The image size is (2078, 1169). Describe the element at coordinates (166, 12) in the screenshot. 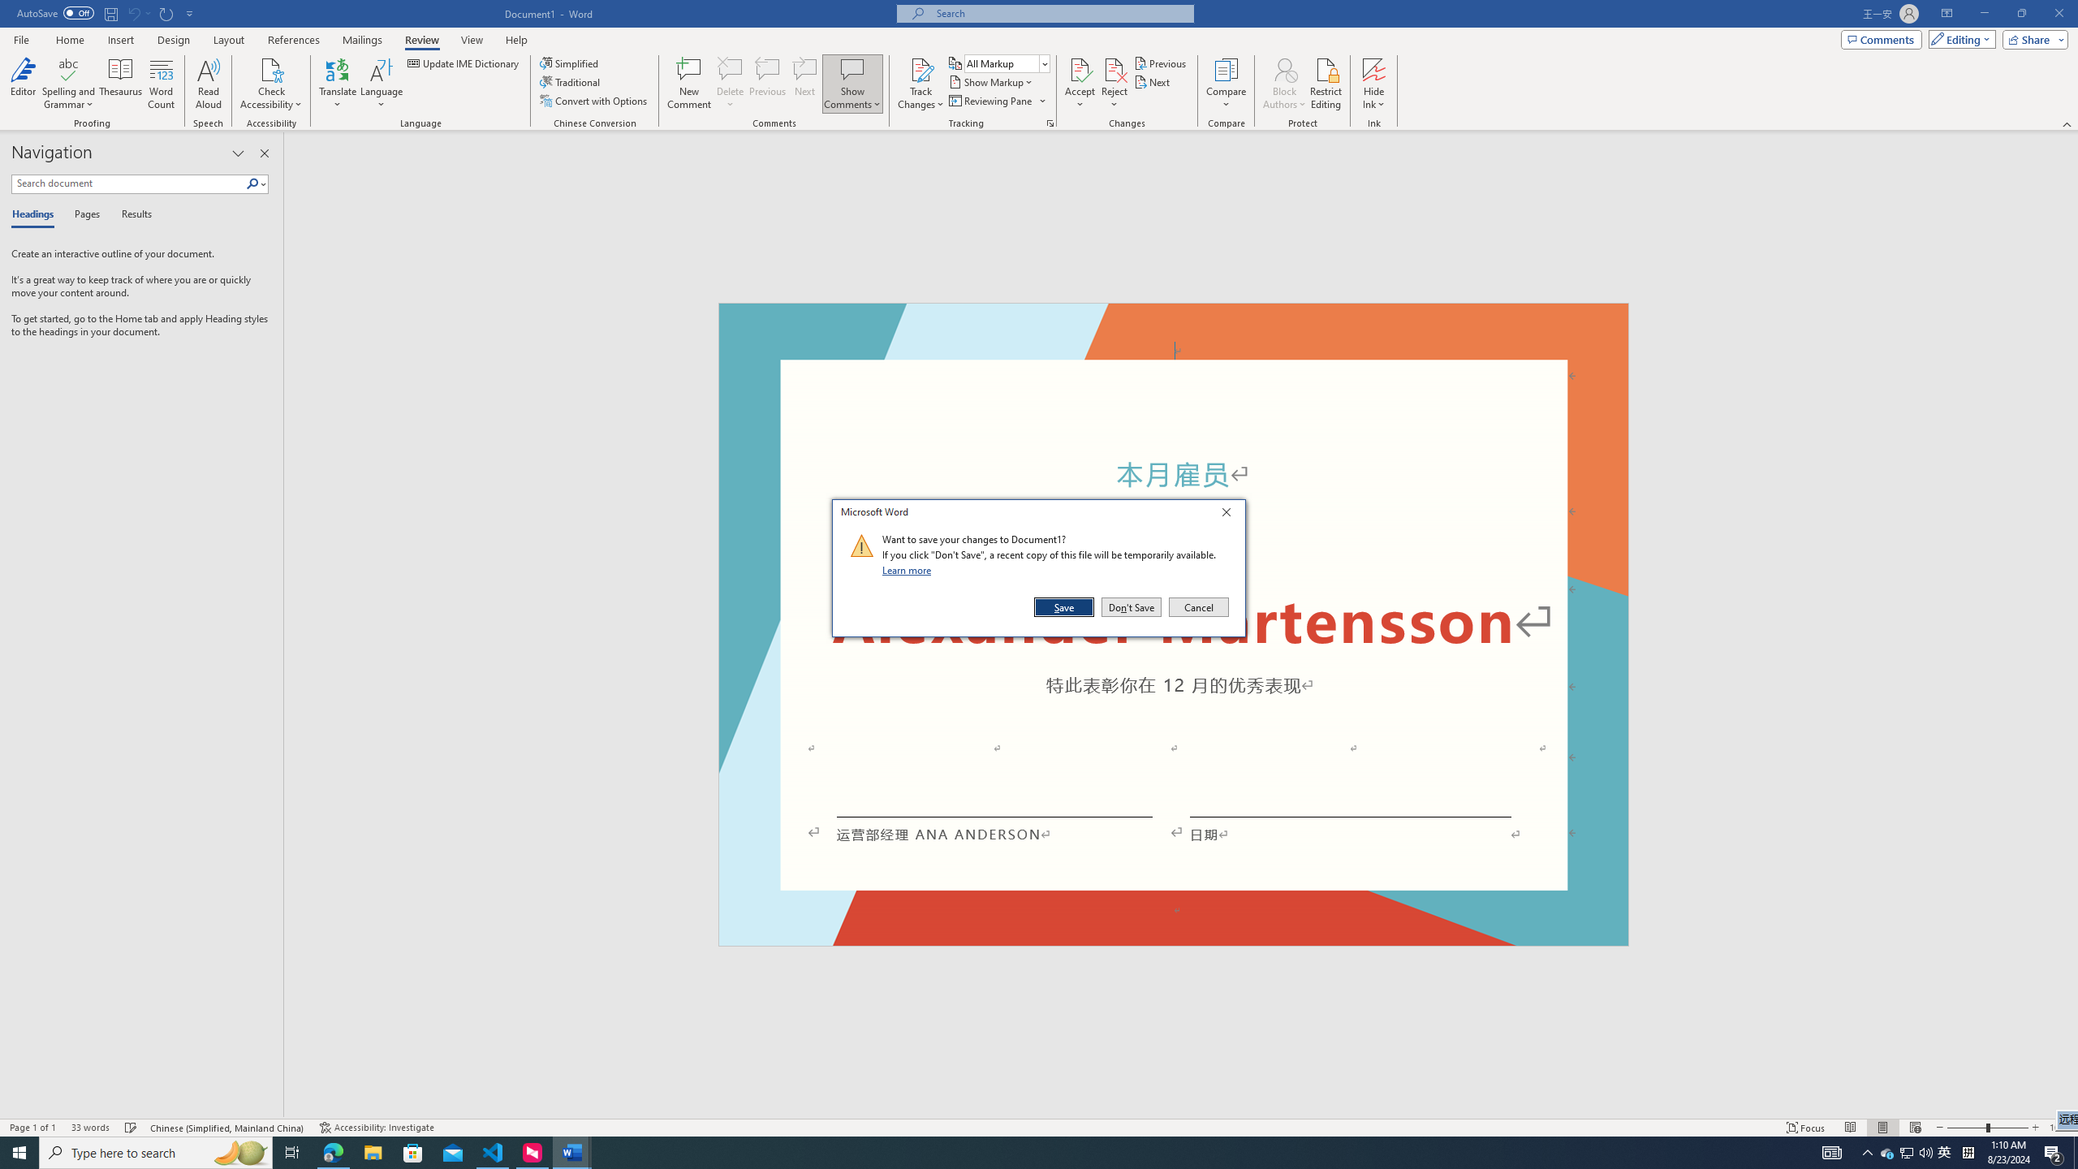

I see `'Repeat Shrink Font'` at that location.